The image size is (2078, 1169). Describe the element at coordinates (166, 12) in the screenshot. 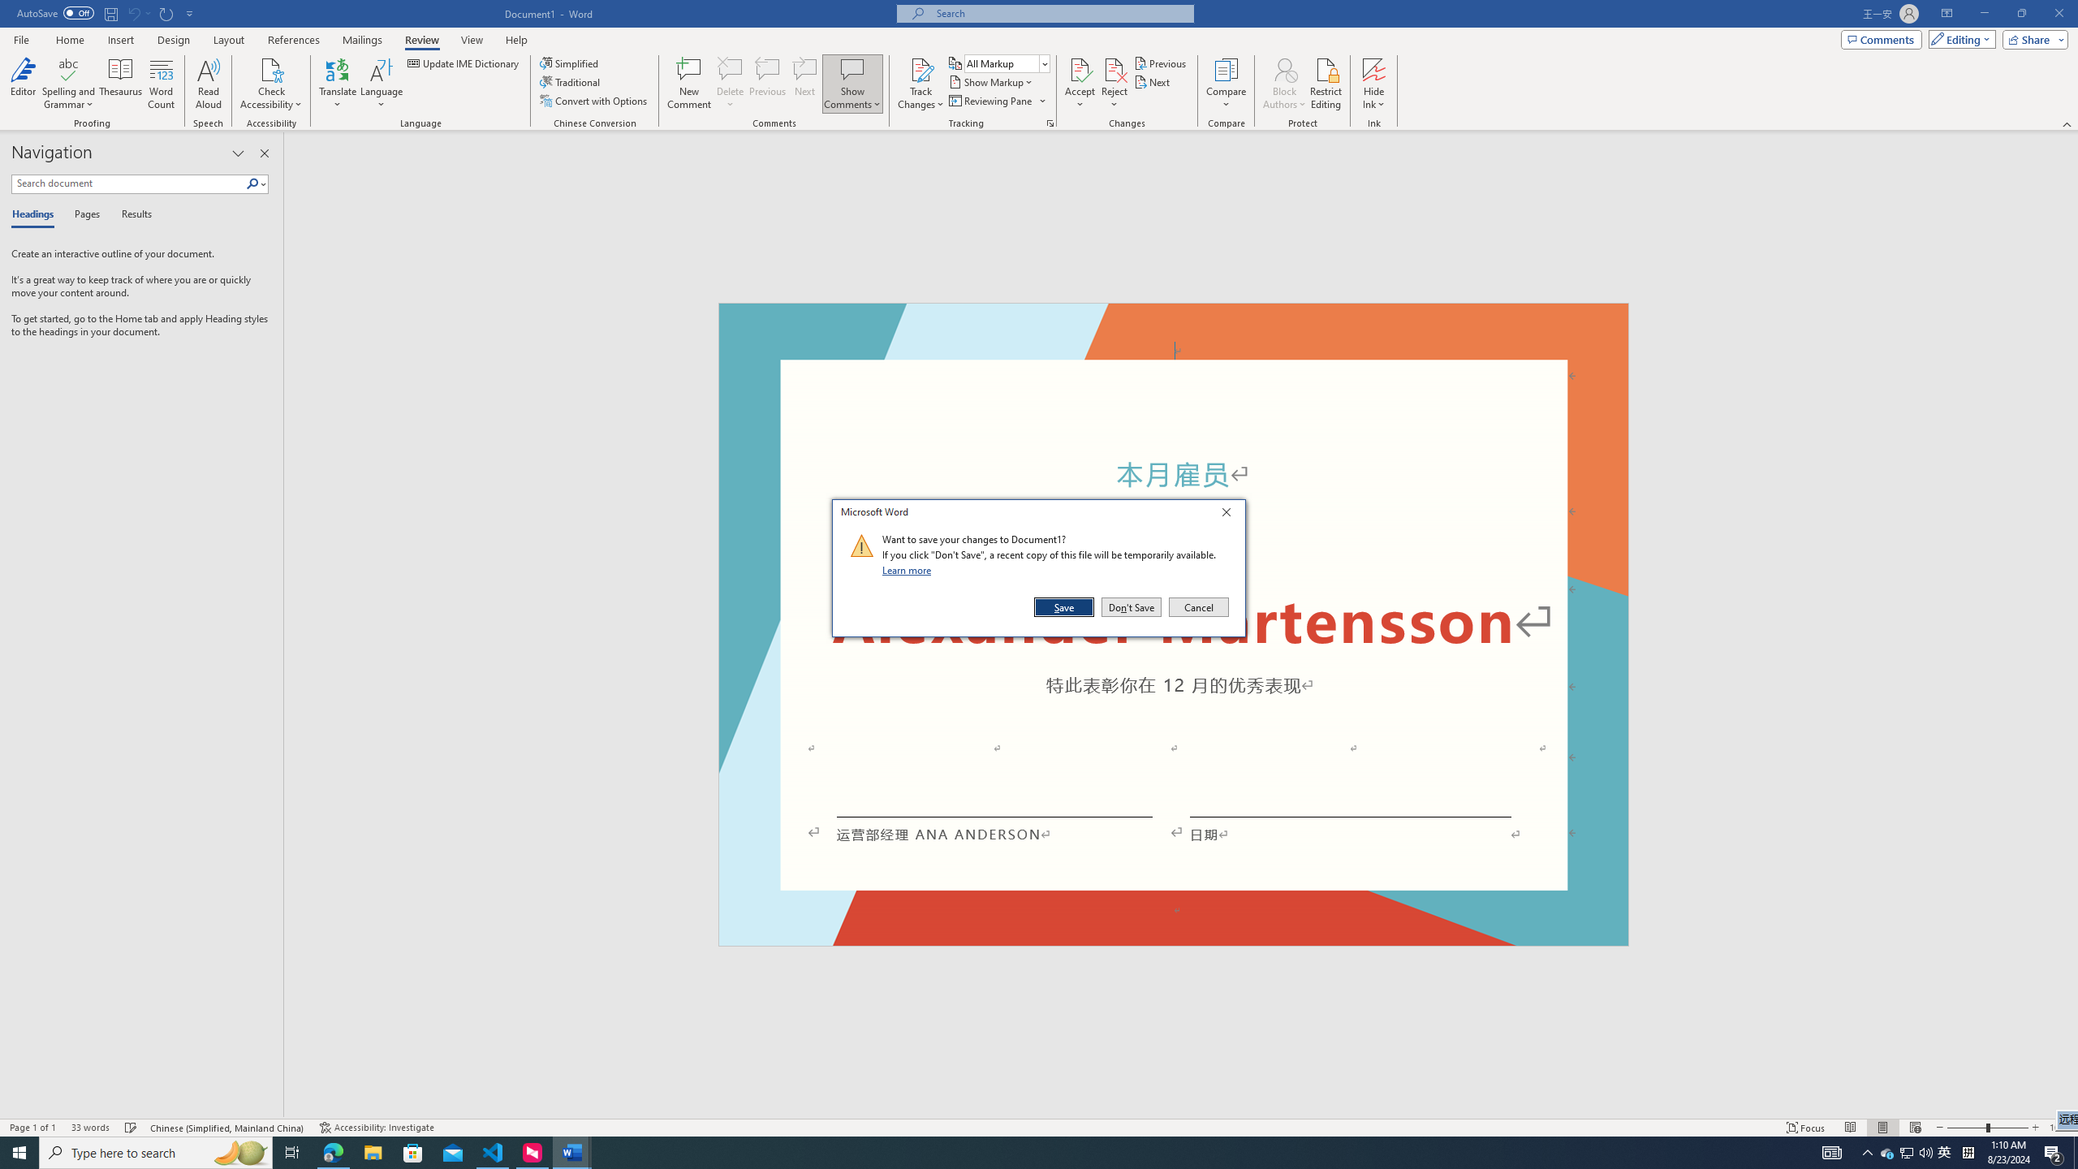

I see `'Repeat Shrink Font'` at that location.